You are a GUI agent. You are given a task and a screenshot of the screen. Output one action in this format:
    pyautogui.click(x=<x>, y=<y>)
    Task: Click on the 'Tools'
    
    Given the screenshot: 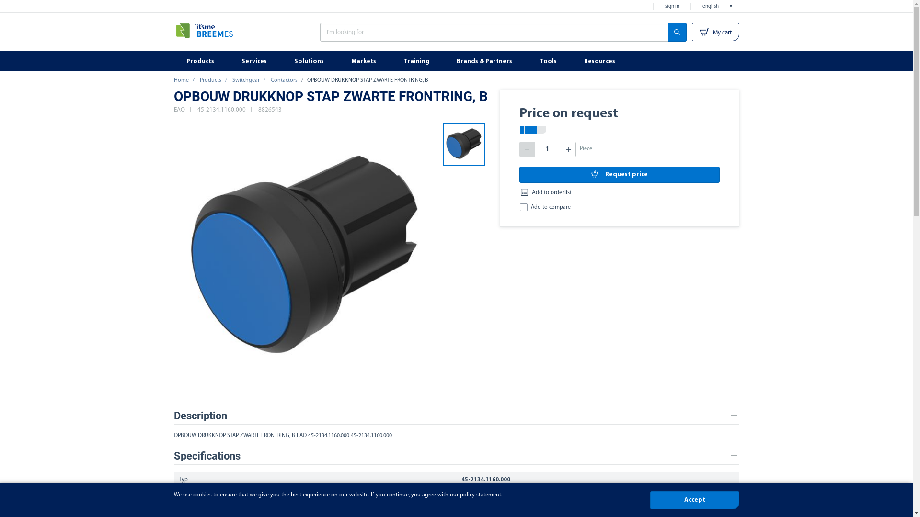 What is the action you would take?
    pyautogui.click(x=549, y=61)
    